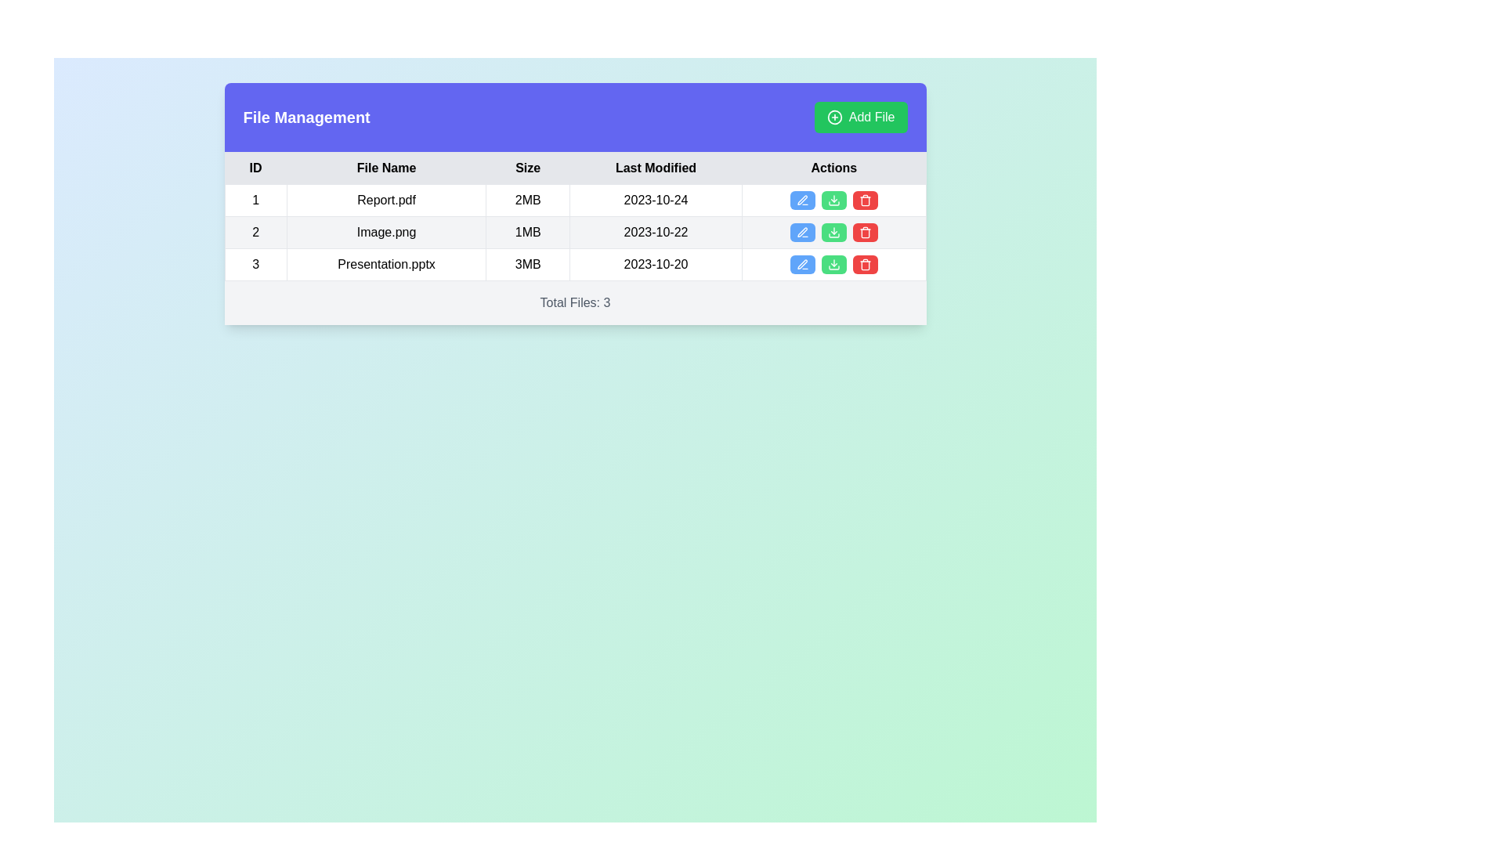  What do you see at coordinates (864, 265) in the screenshot?
I see `the delete icon button located in the 'Actions' column of the third row in the table` at bounding box center [864, 265].